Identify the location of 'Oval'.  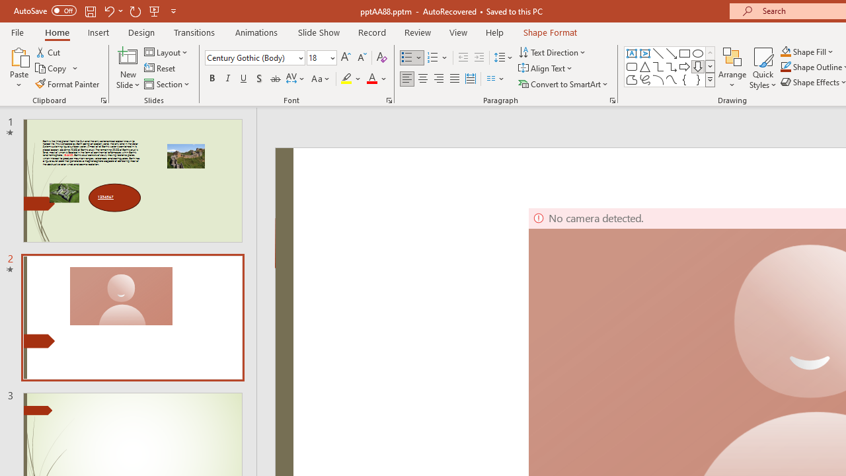
(697, 53).